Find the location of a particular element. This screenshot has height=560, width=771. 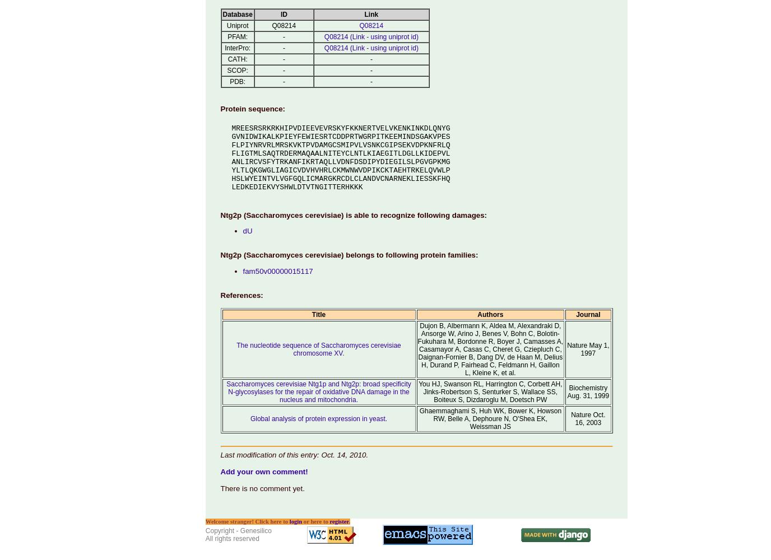

'login' is located at coordinates (295, 521).